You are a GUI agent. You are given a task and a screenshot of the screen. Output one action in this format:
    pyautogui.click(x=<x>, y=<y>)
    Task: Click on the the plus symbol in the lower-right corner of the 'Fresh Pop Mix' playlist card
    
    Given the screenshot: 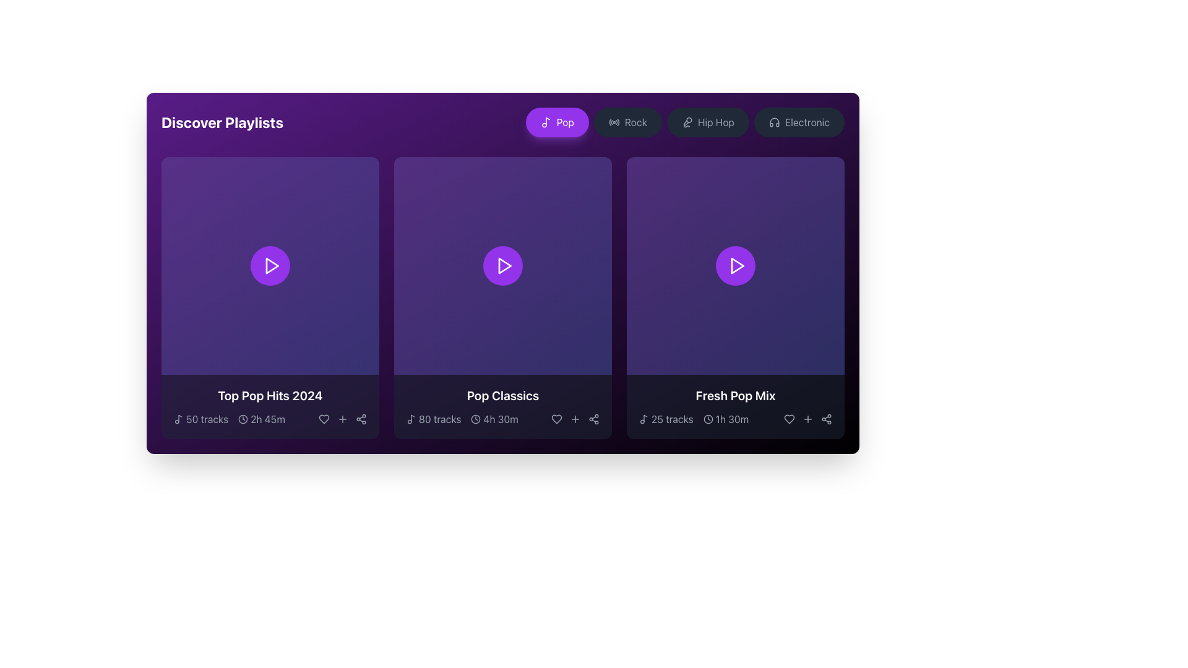 What is the action you would take?
    pyautogui.click(x=807, y=419)
    